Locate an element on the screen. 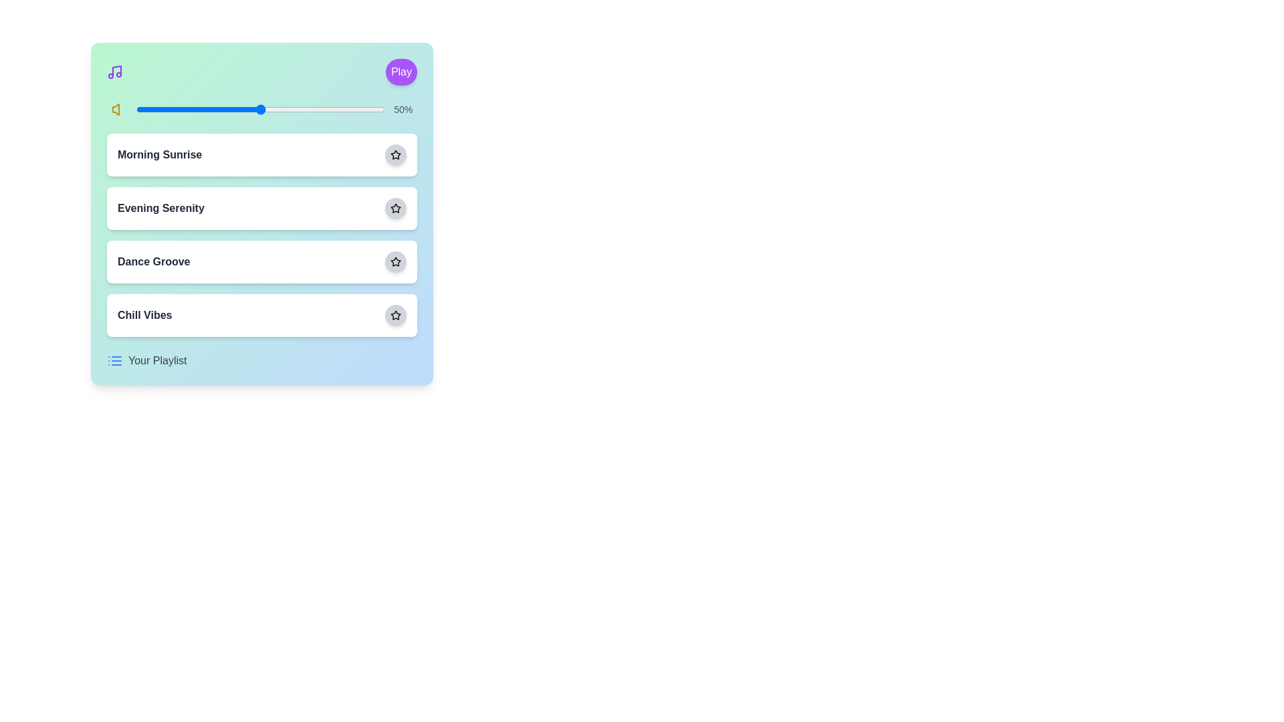 This screenshot has width=1284, height=722. the slider is located at coordinates (267, 109).